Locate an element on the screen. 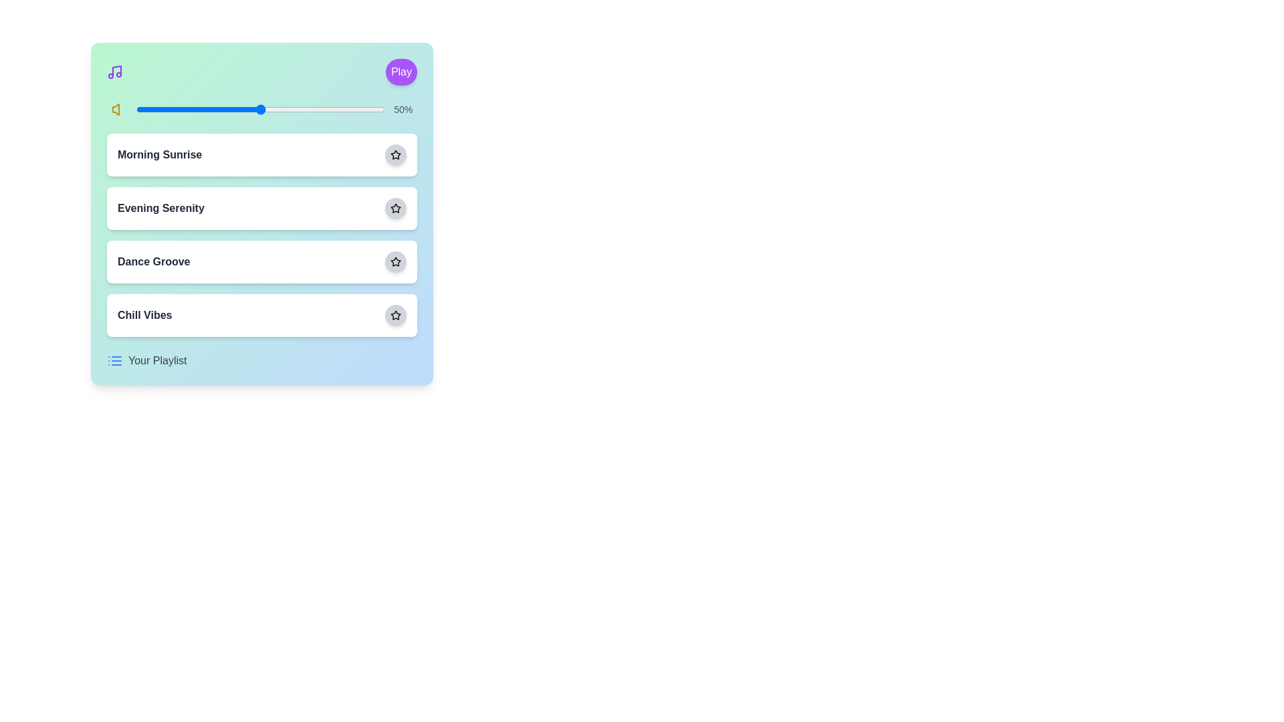 This screenshot has width=1284, height=722. the slider is located at coordinates (267, 109).